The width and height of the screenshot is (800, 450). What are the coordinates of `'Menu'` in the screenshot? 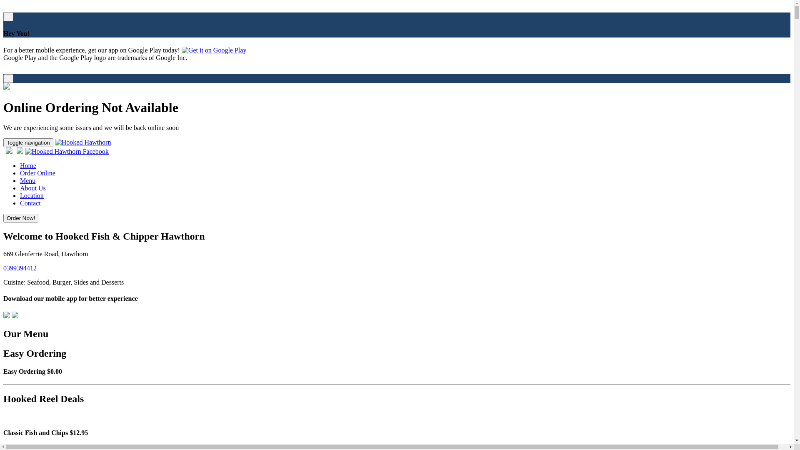 It's located at (20, 180).